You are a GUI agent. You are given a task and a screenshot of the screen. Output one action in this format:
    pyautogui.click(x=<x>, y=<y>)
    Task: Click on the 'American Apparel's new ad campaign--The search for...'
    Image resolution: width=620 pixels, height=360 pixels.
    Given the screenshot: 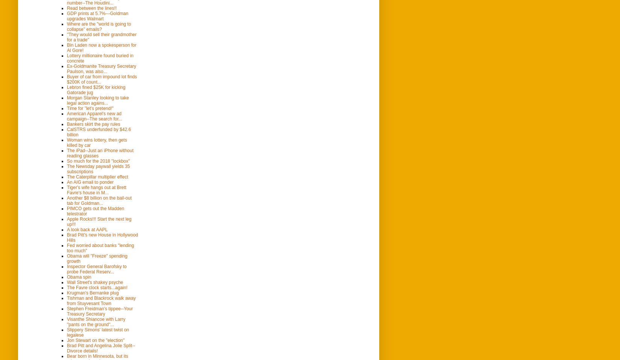 What is the action you would take?
    pyautogui.click(x=94, y=116)
    